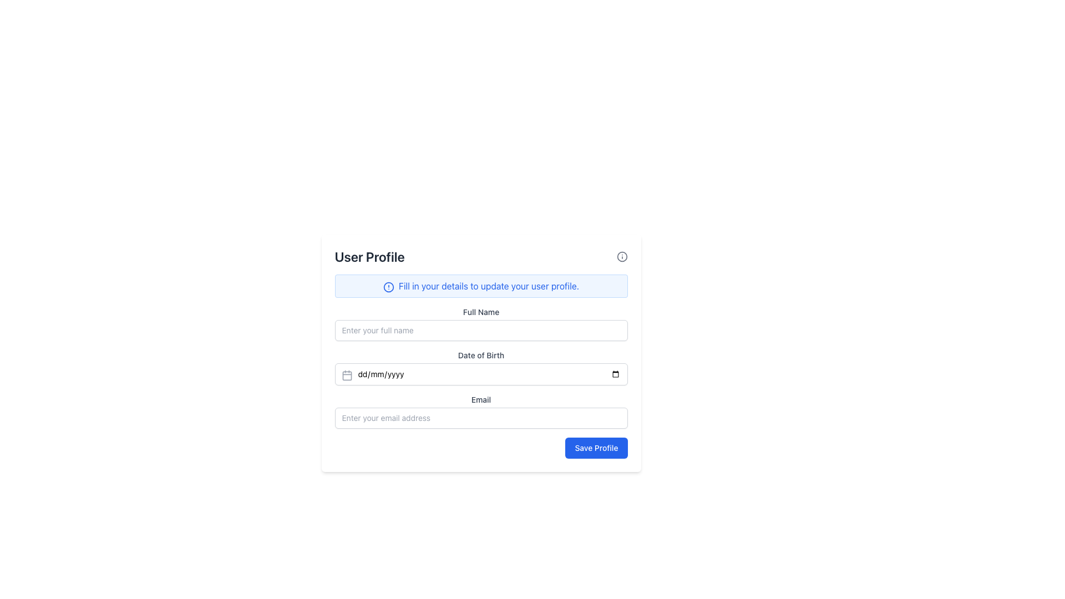 The image size is (1065, 599). Describe the element at coordinates (622, 256) in the screenshot. I see `the informational icon, which is a gray circle with an embedded 'i', located in the top-right corner of the 'User Profile' section` at that location.